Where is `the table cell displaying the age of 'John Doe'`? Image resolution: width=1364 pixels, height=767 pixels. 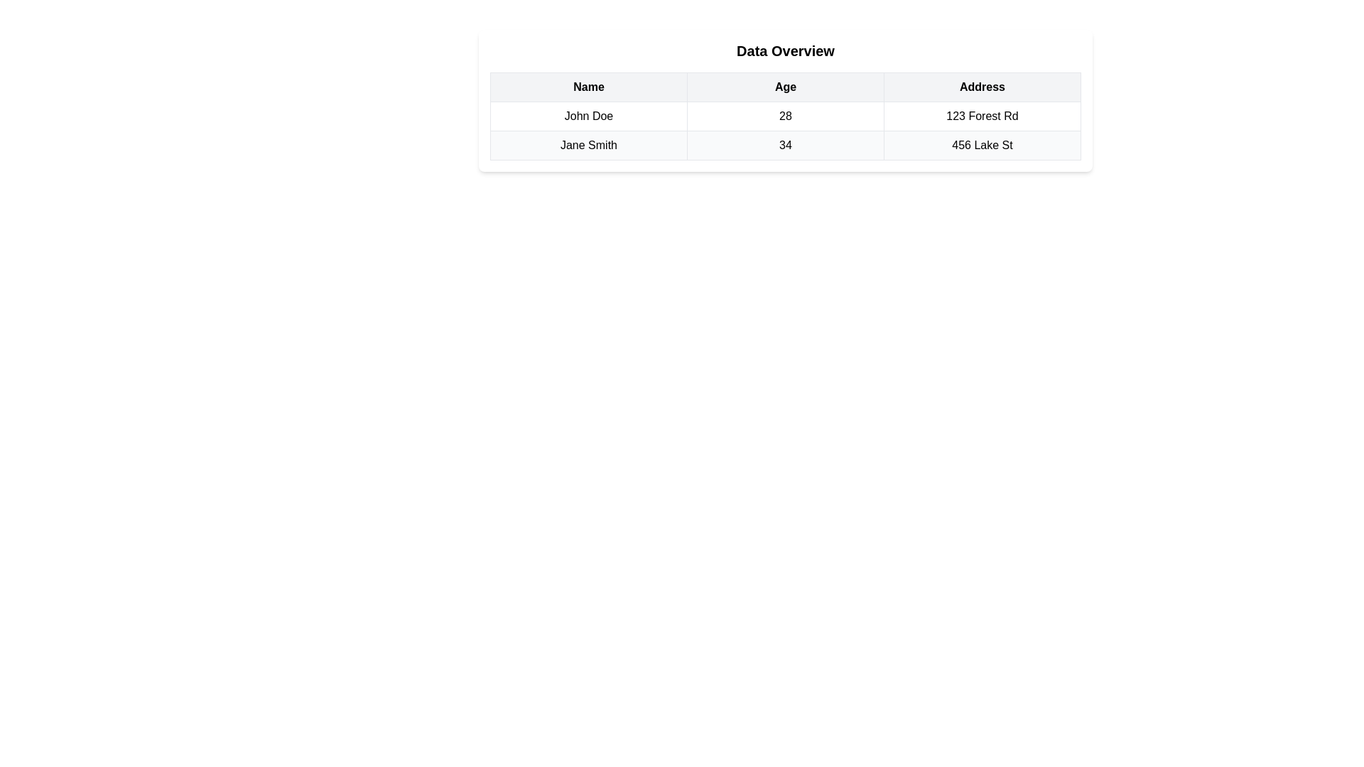
the table cell displaying the age of 'John Doe' is located at coordinates (784, 116).